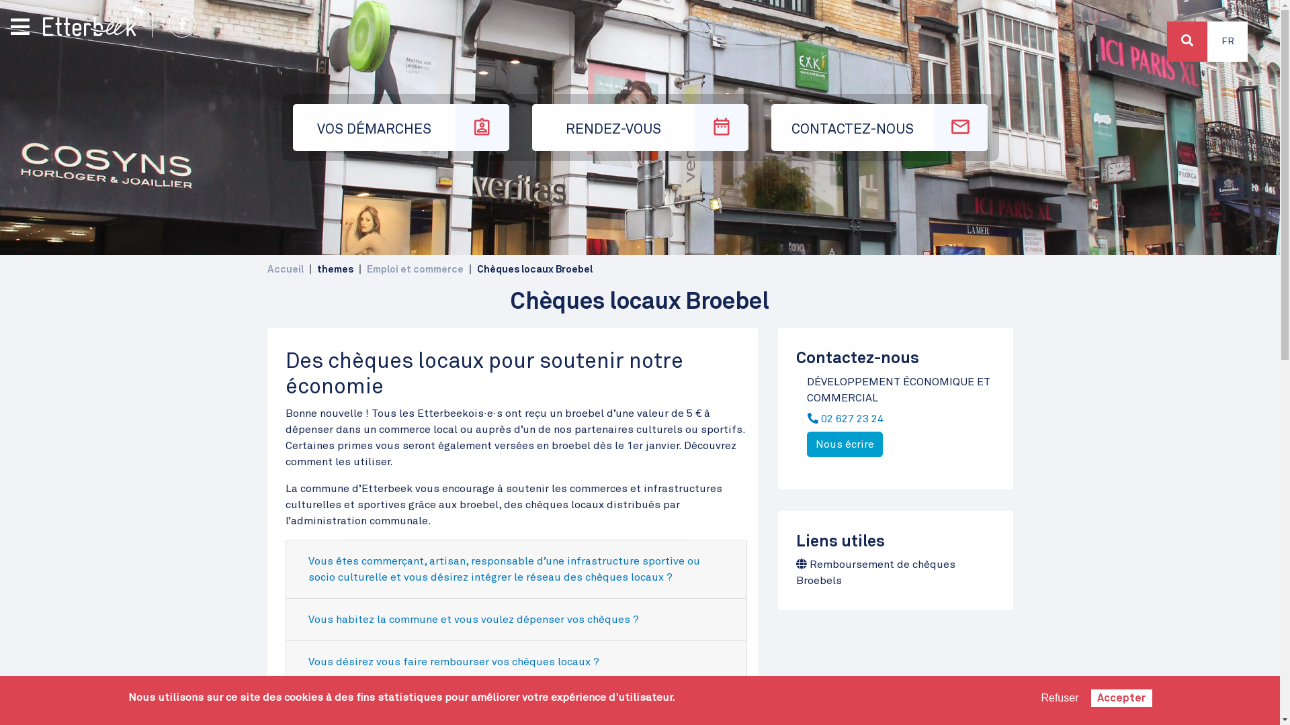 This screenshot has height=725, width=1290. Describe the element at coordinates (1121, 697) in the screenshot. I see `'Accepter'` at that location.